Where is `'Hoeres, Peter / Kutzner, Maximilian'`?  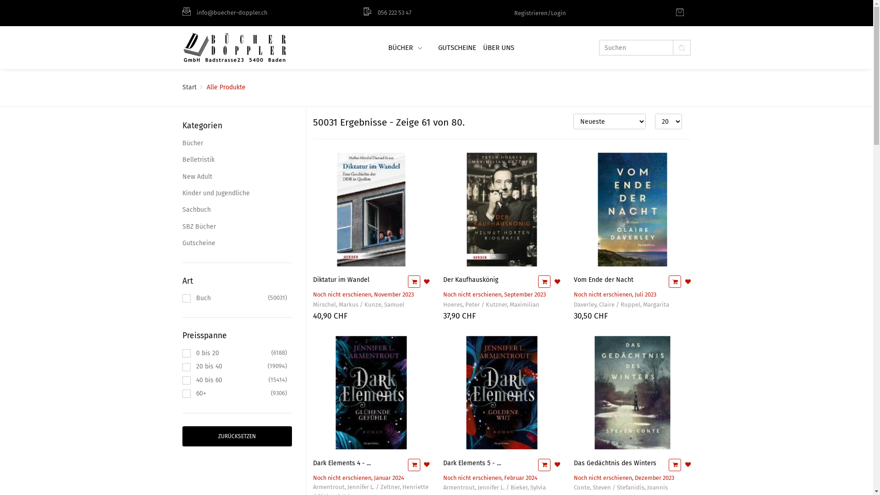
'Hoeres, Peter / Kutzner, Maximilian' is located at coordinates (490, 305).